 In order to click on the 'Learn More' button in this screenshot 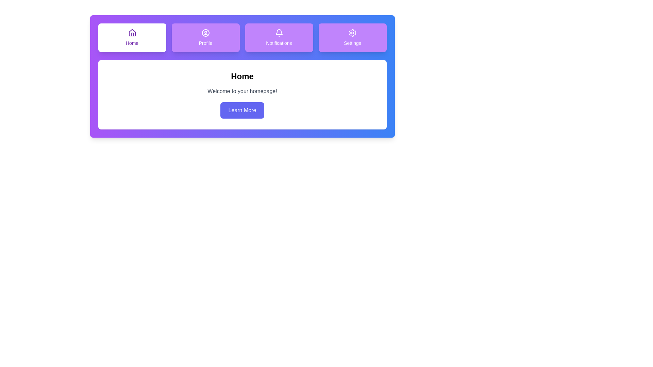, I will do `click(242, 110)`.